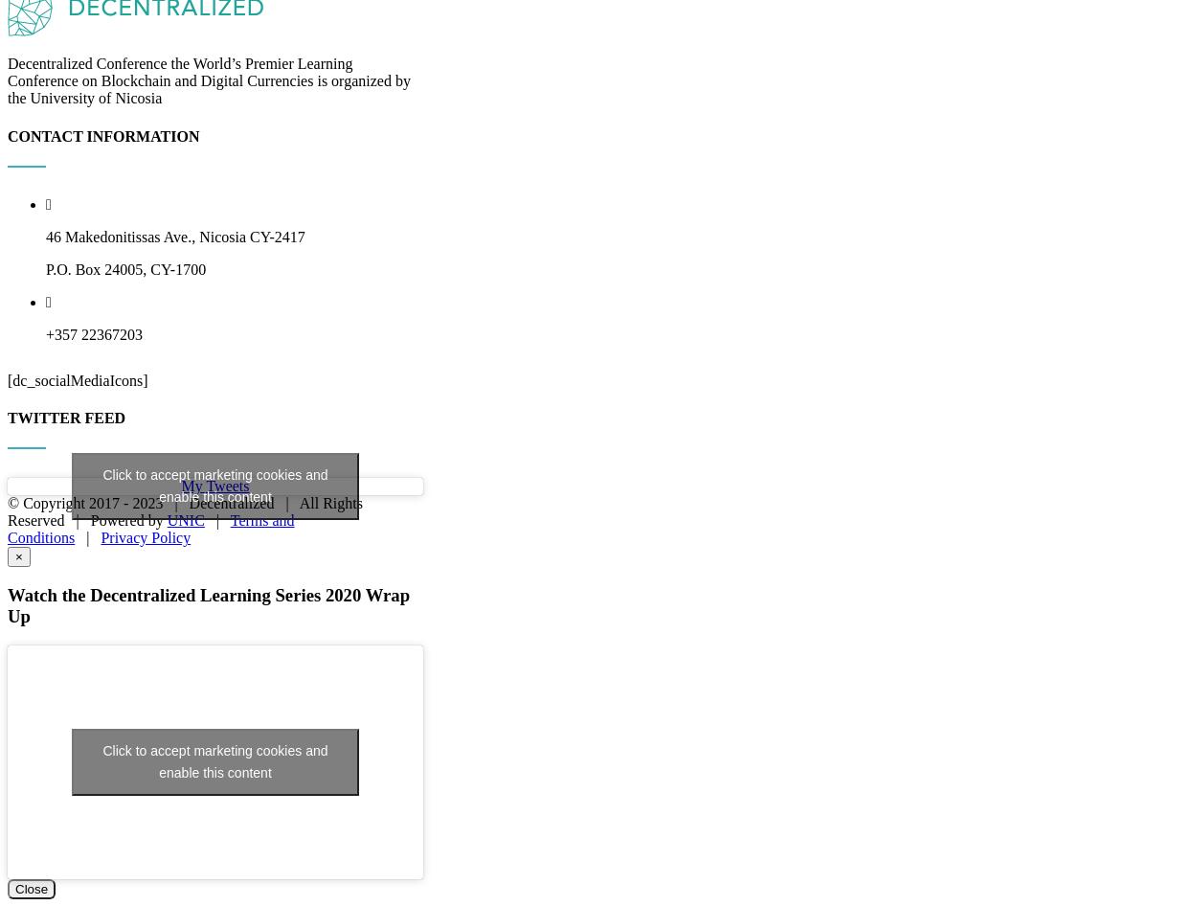 The image size is (1195, 906). Describe the element at coordinates (93, 527) in the screenshot. I see `'+357 22367203'` at that location.